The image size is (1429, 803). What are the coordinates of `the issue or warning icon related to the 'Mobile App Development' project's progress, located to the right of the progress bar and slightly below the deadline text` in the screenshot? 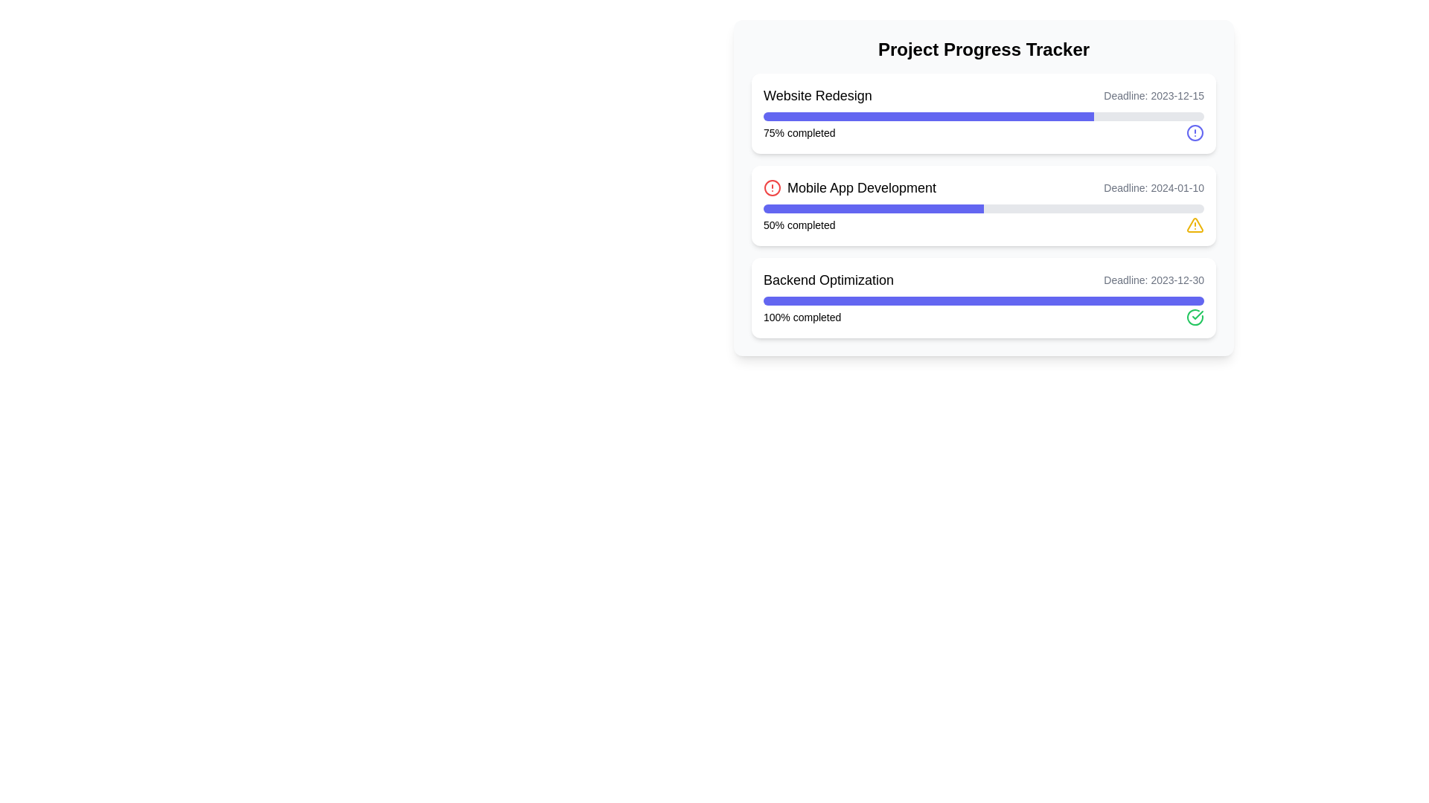 It's located at (1195, 225).